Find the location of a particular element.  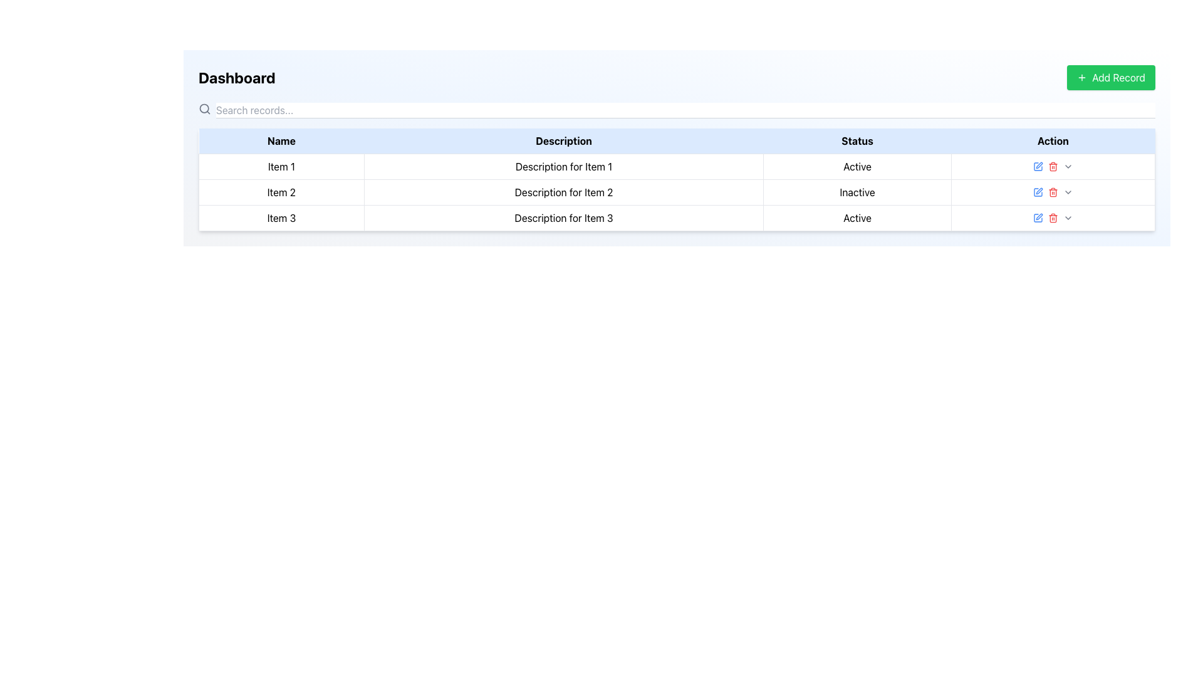

the search icon located to the left of the text input field with the placeholder 'Search records...' to initiate a search is located at coordinates (204, 108).